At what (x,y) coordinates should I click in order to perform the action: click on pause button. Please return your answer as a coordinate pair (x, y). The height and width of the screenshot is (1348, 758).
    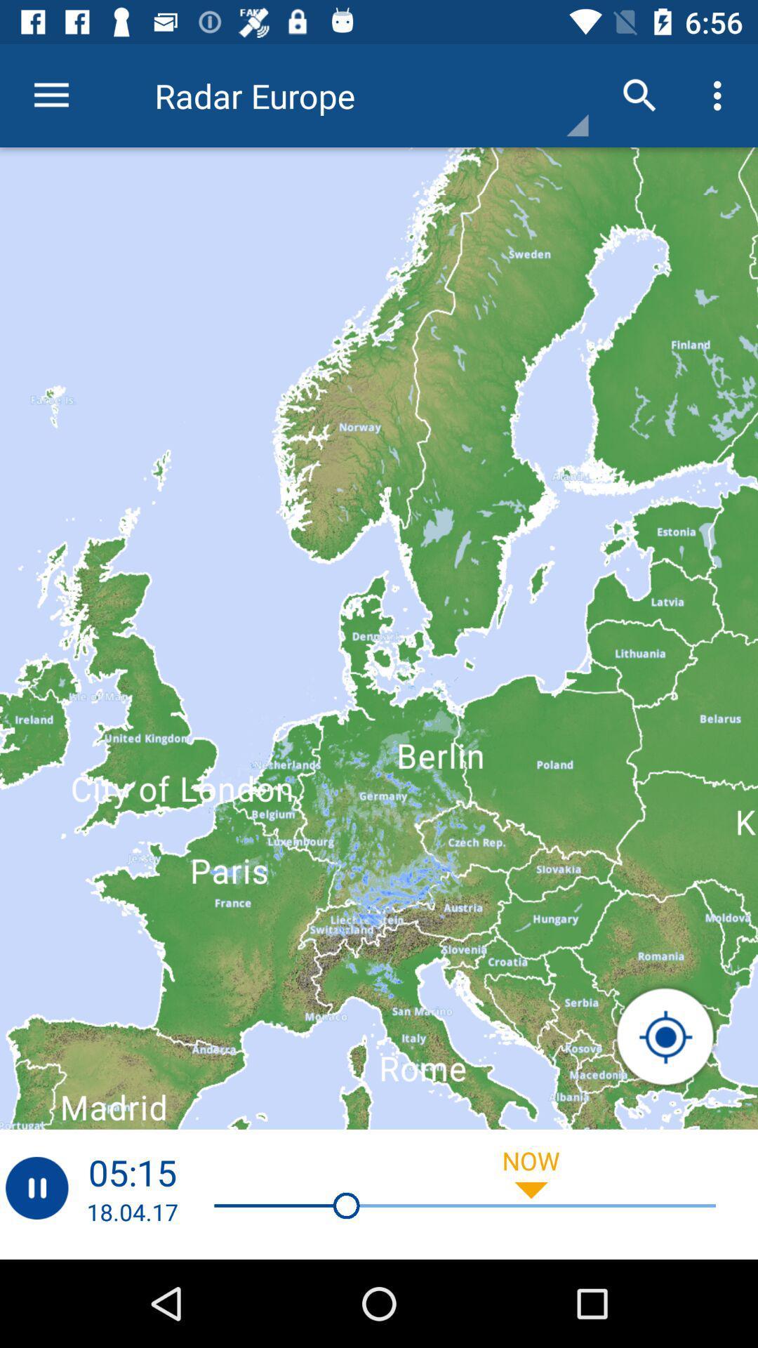
    Looking at the image, I should click on (36, 1187).